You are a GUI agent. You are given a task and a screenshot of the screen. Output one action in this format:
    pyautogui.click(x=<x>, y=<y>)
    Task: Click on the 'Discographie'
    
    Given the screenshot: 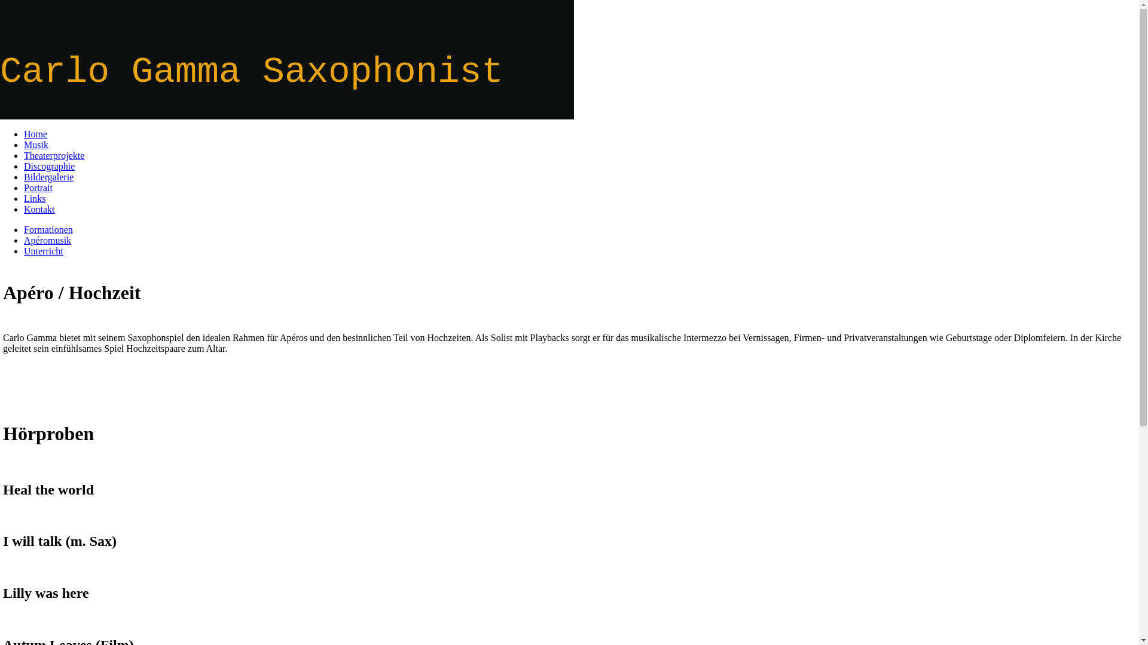 What is the action you would take?
    pyautogui.click(x=48, y=166)
    